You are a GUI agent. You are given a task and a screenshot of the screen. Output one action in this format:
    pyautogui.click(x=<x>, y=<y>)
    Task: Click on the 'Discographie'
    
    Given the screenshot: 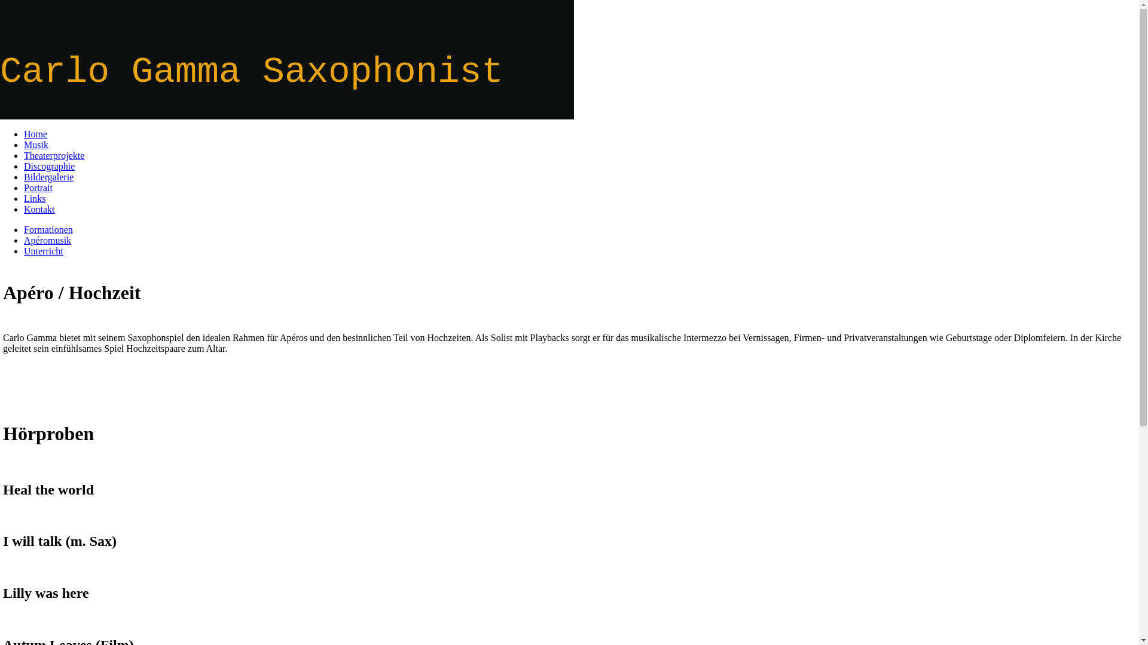 What is the action you would take?
    pyautogui.click(x=48, y=166)
    